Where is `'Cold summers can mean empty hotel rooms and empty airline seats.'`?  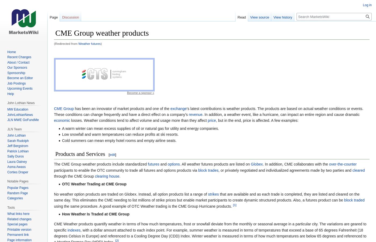
'Cold summers can mean empty hotel rooms and empty airline seats.' is located at coordinates (119, 140).